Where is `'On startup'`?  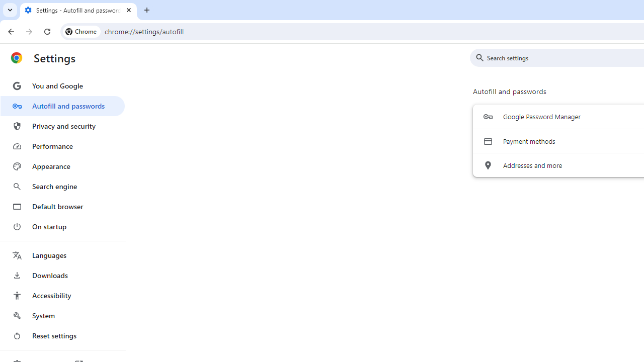 'On startup' is located at coordinates (62, 227).